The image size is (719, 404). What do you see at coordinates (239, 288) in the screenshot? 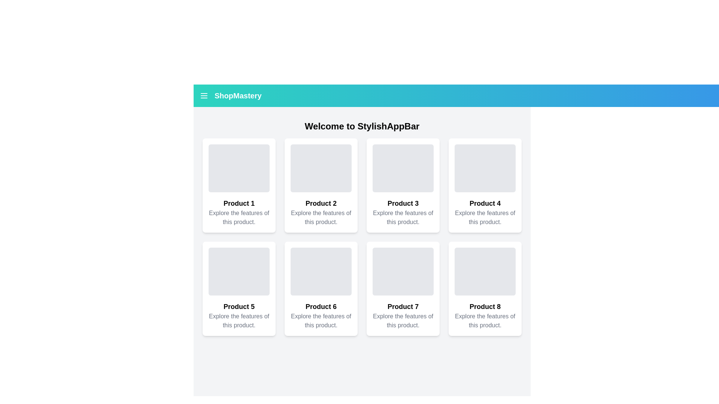
I see `the fifth Card component in the grid layout that serves as a visual representation of a product, located below 'Product 1' and to the left of 'Product 6'` at bounding box center [239, 288].